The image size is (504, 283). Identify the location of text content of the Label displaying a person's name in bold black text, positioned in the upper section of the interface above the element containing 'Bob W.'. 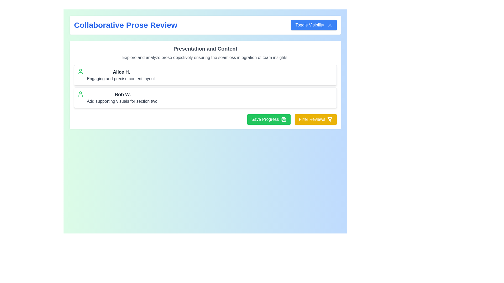
(121, 75).